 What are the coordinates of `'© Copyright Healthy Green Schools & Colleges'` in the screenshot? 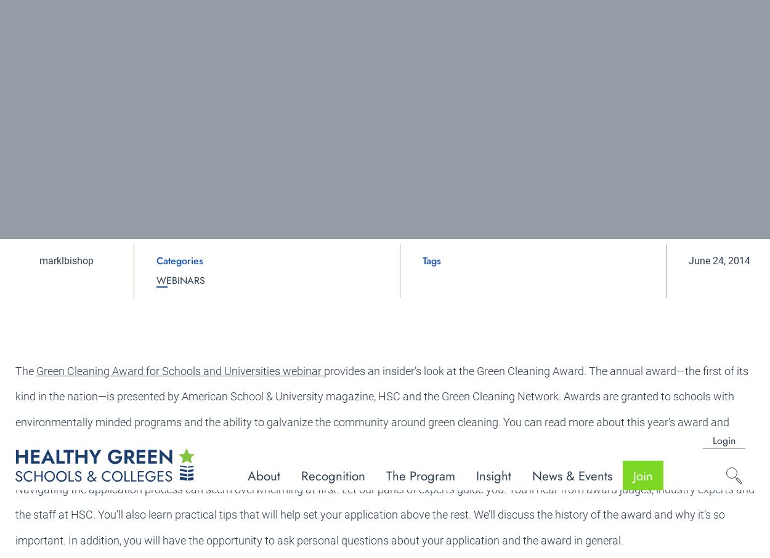 It's located at (666, 499).